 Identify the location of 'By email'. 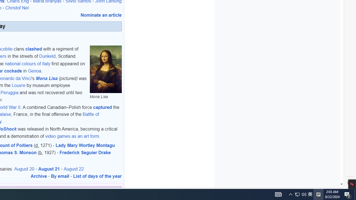
(60, 176).